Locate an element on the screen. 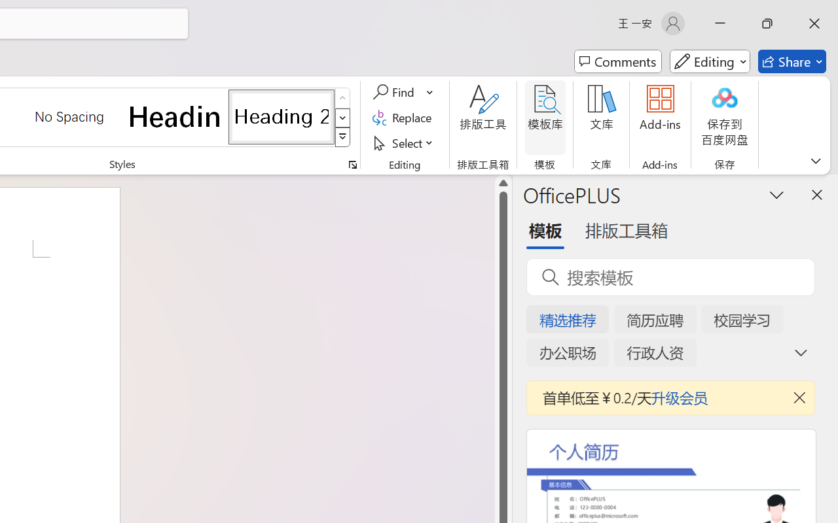 This screenshot has height=523, width=838. 'Minimize' is located at coordinates (720, 23).